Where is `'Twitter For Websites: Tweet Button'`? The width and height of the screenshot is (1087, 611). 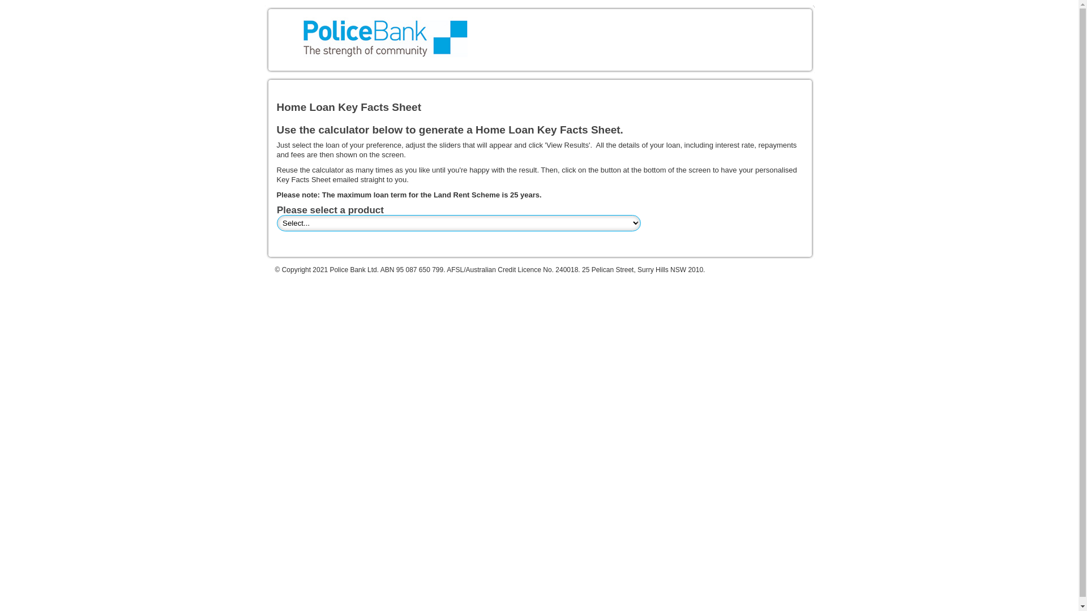 'Twitter For Websites: Tweet Button' is located at coordinates (304, 242).